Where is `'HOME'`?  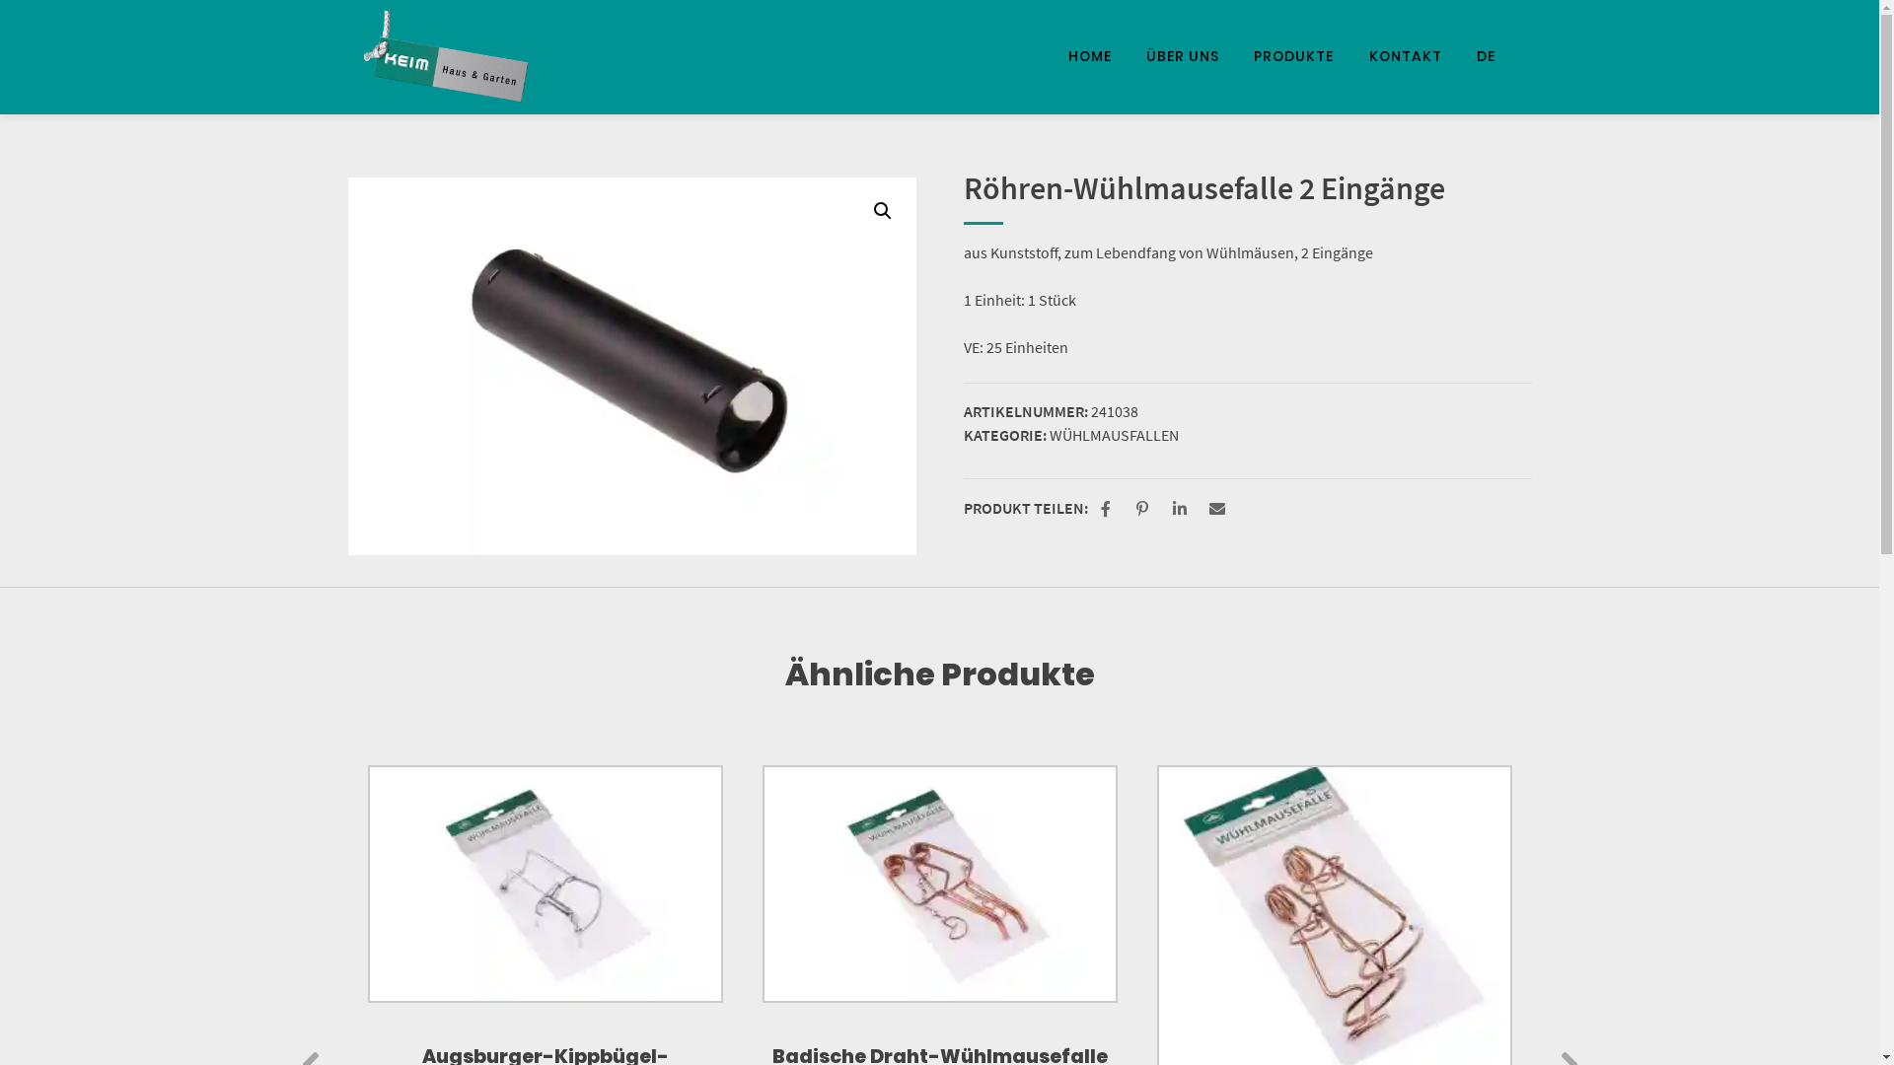
'HOME' is located at coordinates (1067, 55).